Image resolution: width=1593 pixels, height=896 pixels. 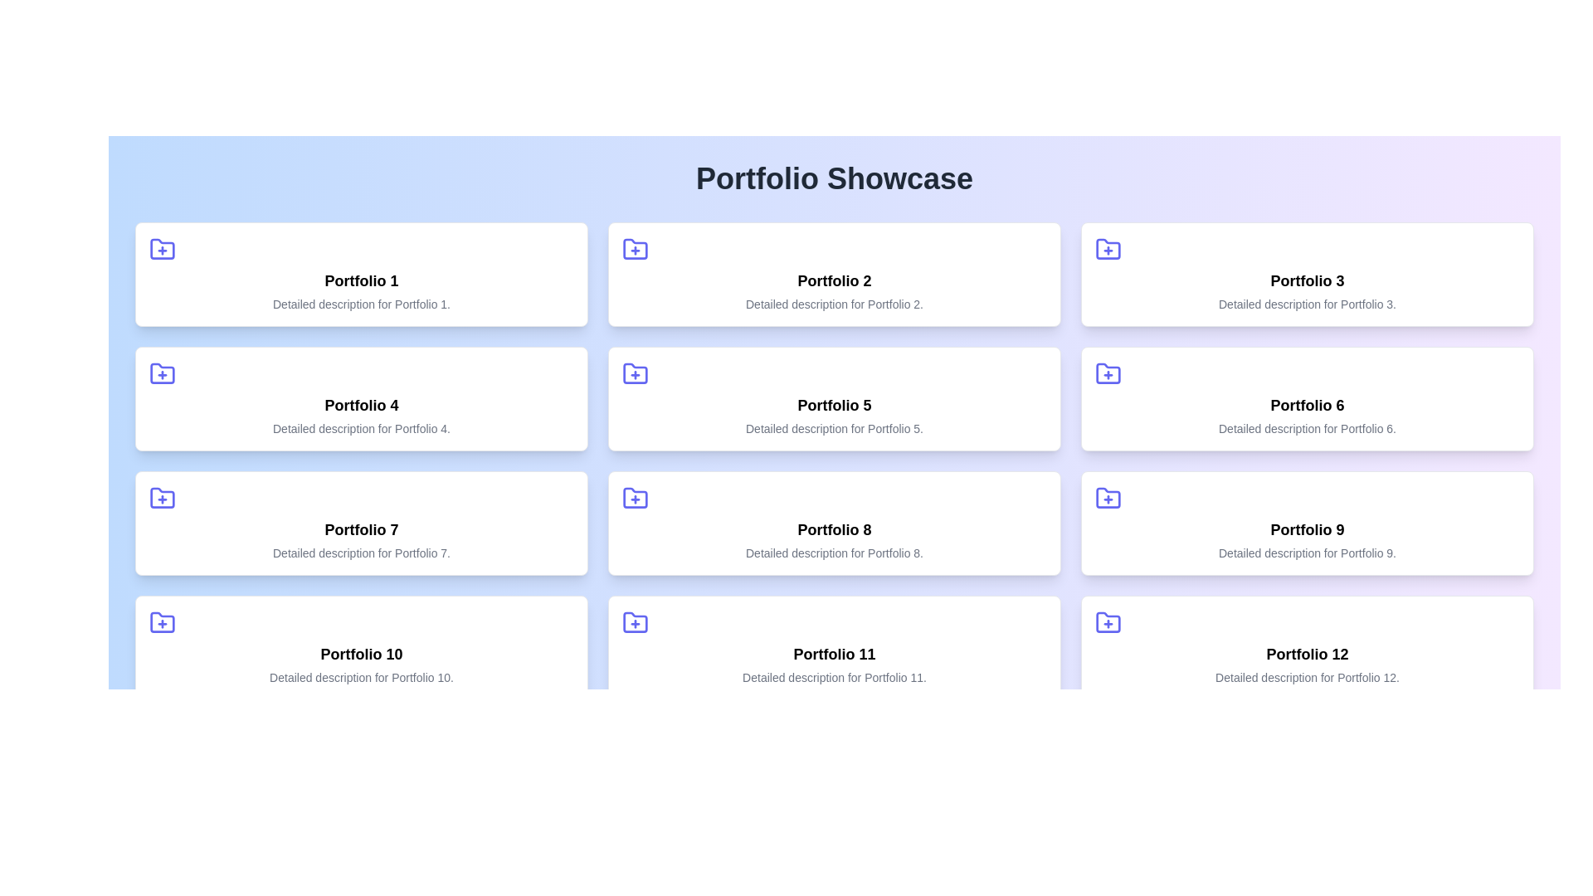 I want to click on text label 'Portfolio 12' which is displayed in bold within the twelfth card in a grid layout, so click(x=1306, y=654).